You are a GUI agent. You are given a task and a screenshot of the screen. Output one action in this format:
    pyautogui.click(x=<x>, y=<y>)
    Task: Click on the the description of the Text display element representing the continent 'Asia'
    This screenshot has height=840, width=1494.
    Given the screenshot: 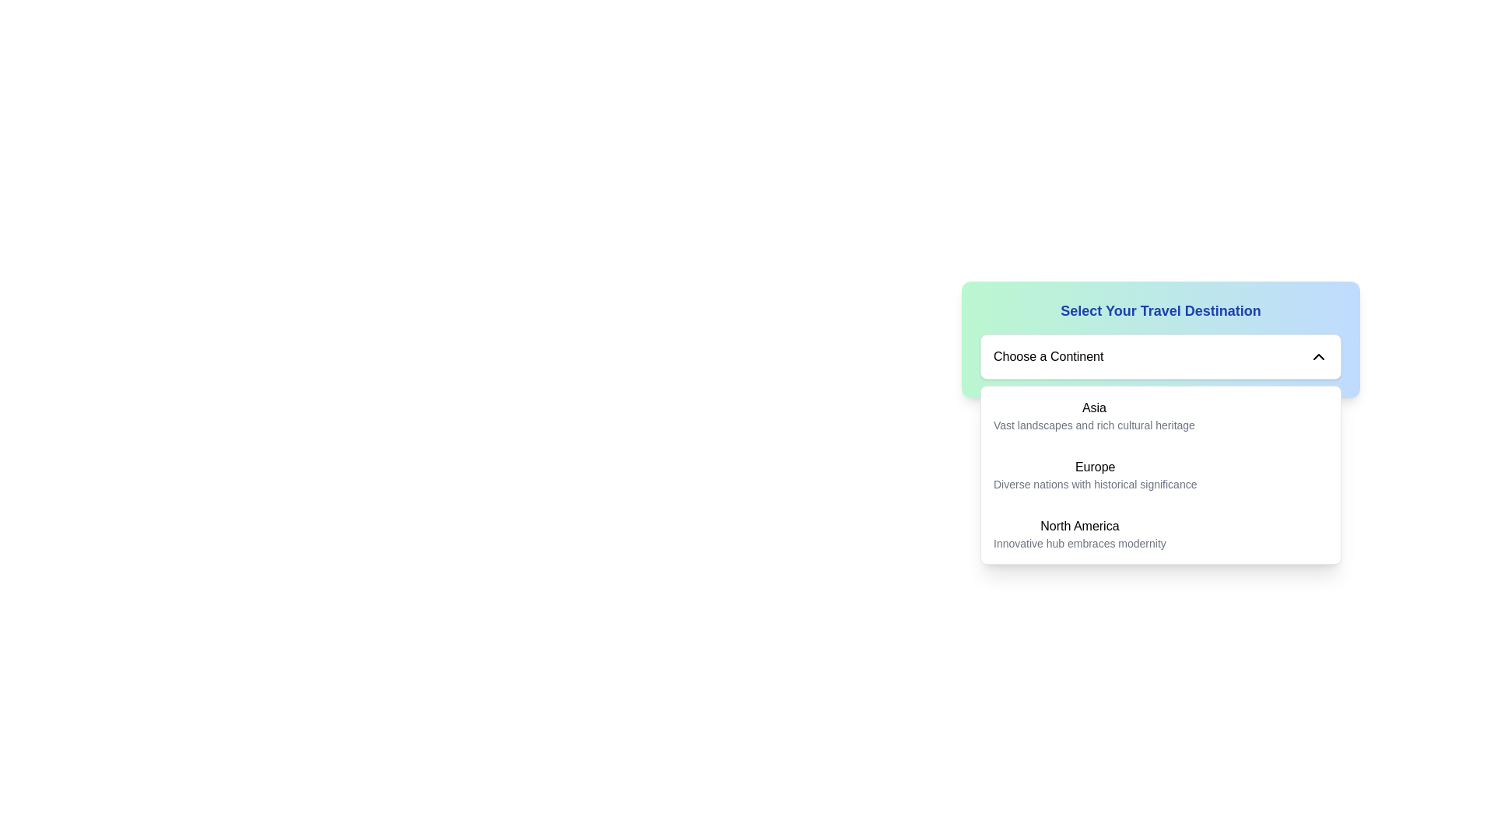 What is the action you would take?
    pyautogui.click(x=1093, y=415)
    